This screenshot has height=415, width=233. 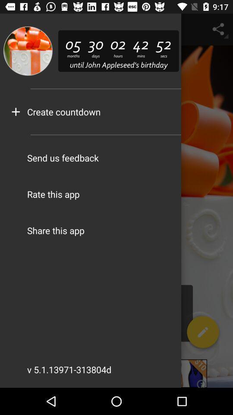 What do you see at coordinates (203, 333) in the screenshot?
I see `the edit icon` at bounding box center [203, 333].